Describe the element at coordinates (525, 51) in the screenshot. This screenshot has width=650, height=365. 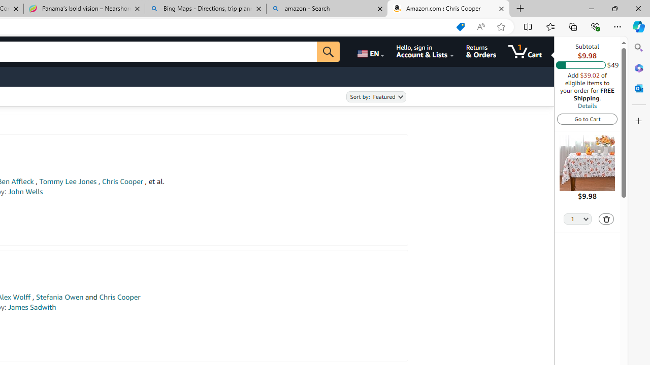
I see `'1 item in cart'` at that location.